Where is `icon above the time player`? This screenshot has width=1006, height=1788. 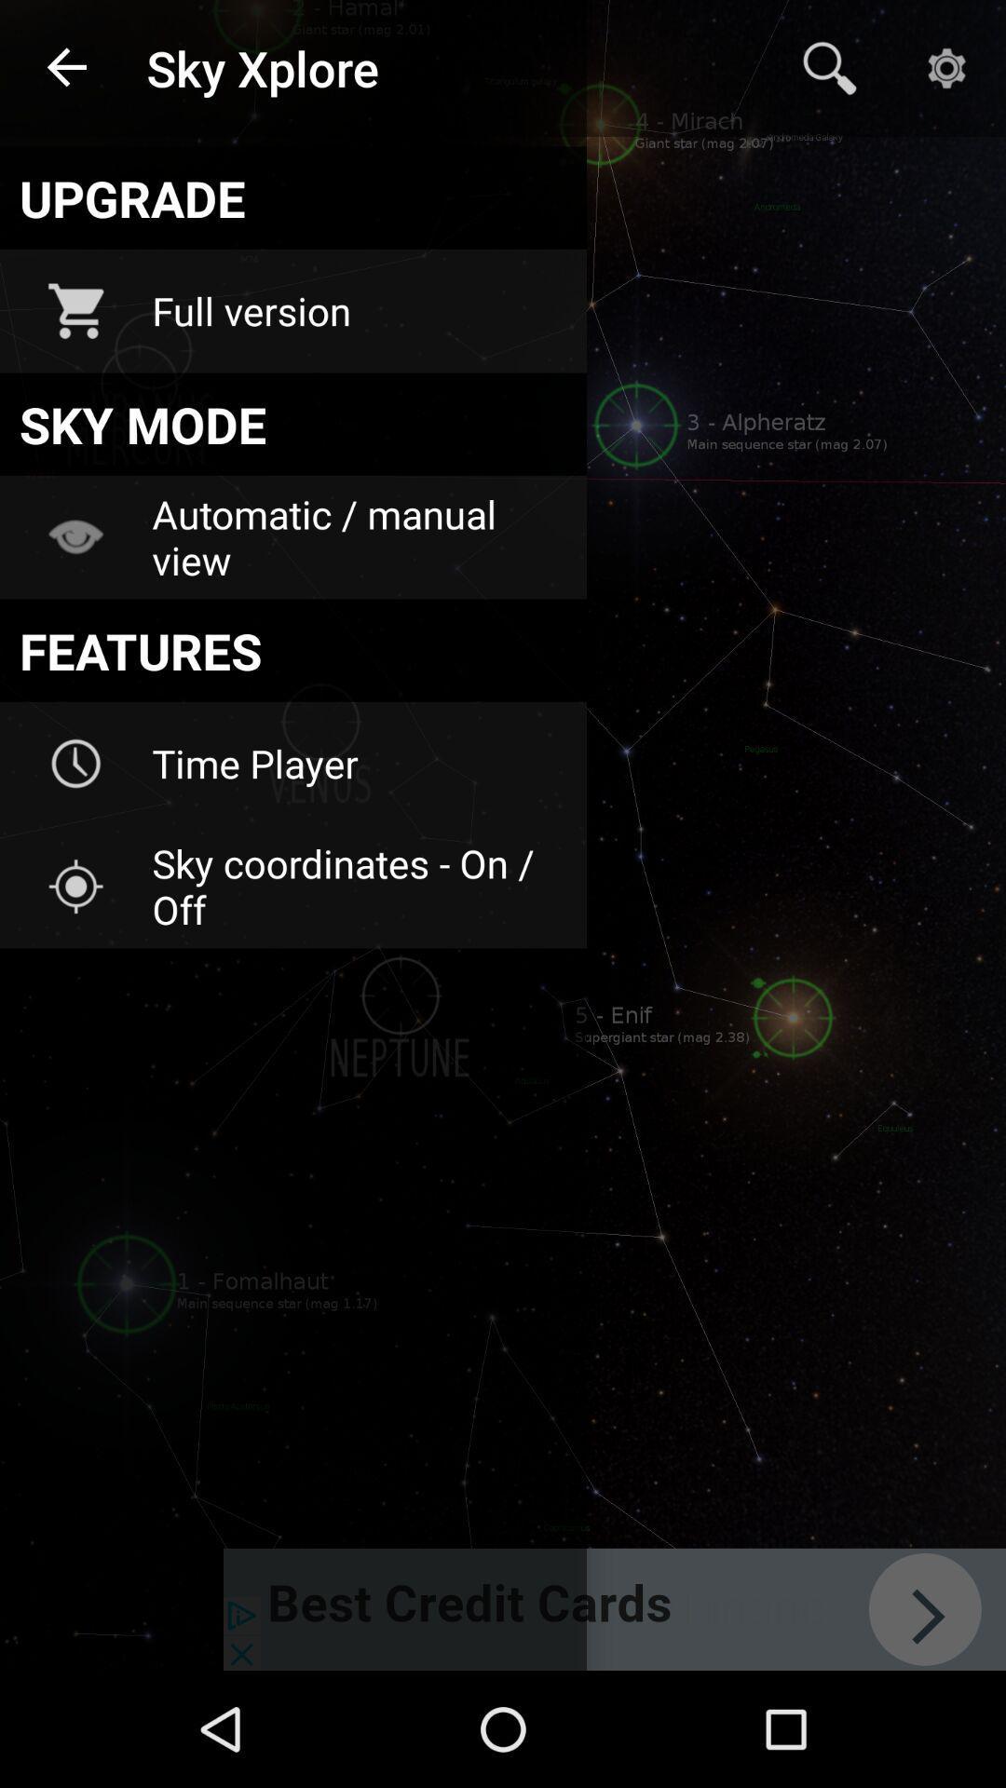 icon above the time player is located at coordinates (293, 650).